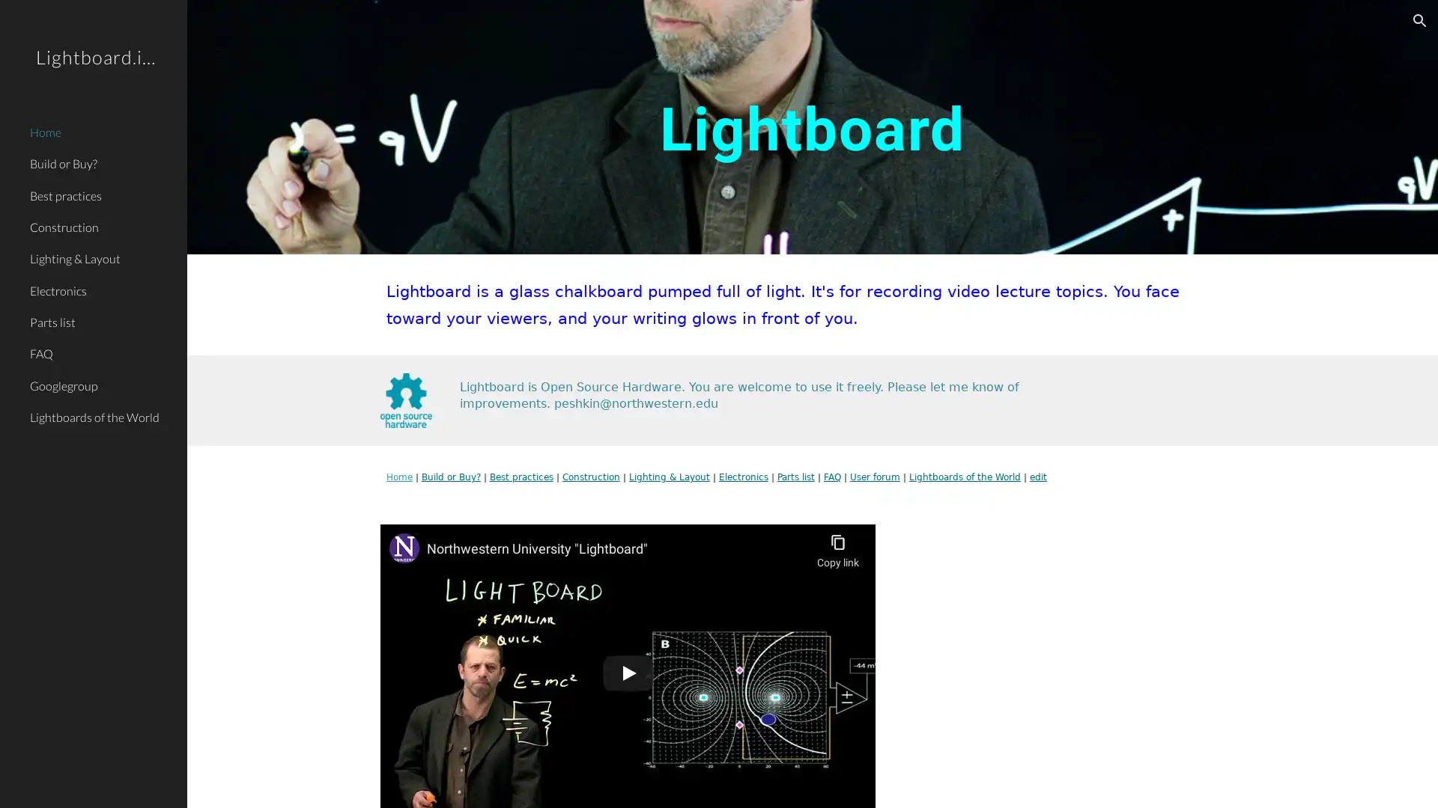 The image size is (1438, 808). What do you see at coordinates (368, 781) in the screenshot?
I see `Report abuse` at bounding box center [368, 781].